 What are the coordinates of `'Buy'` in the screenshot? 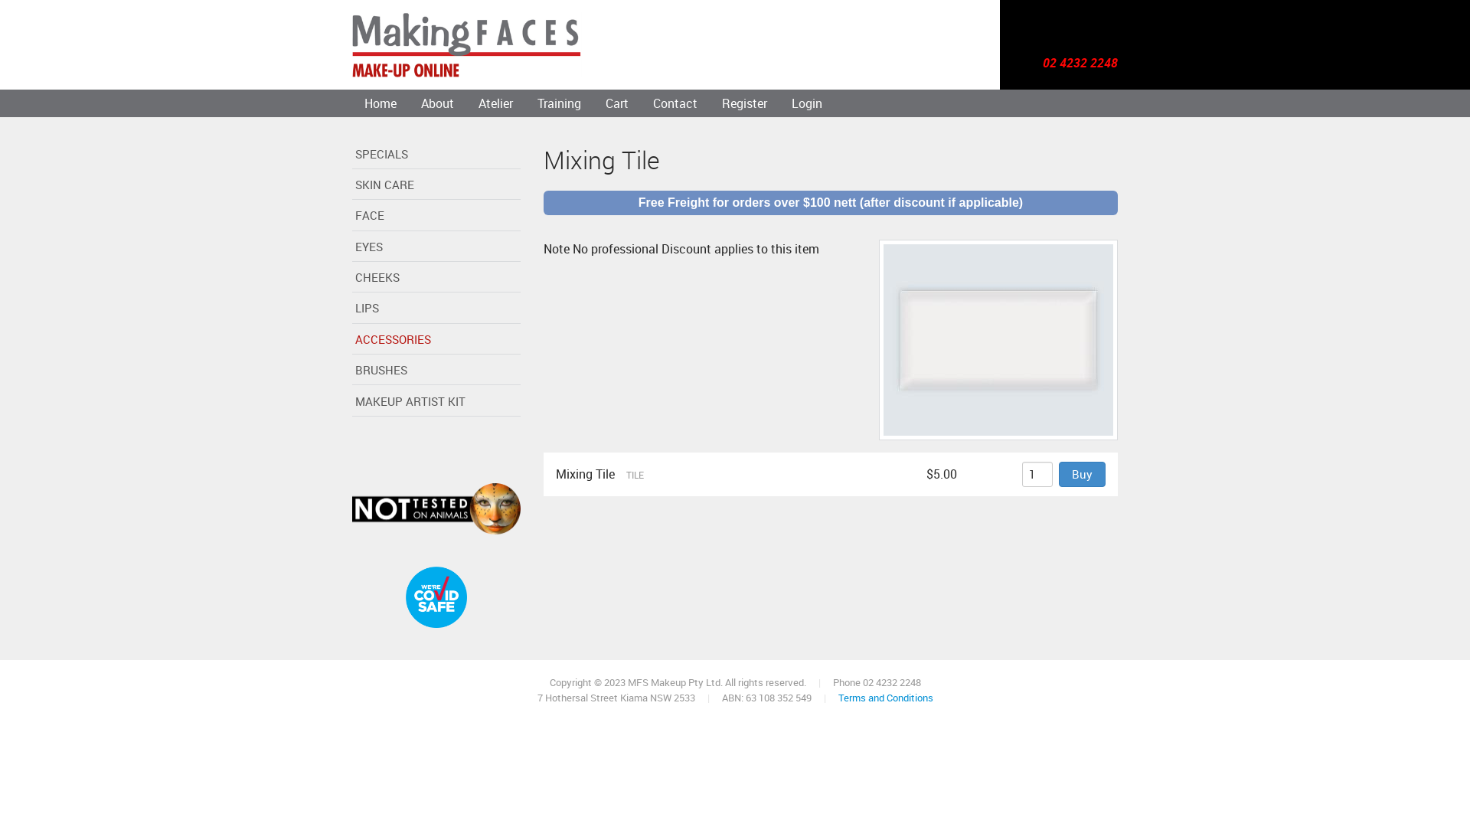 It's located at (1081, 473).